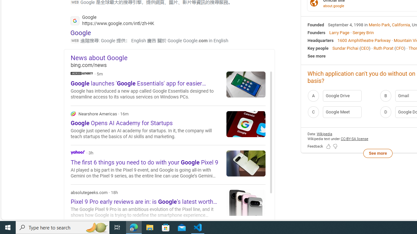 The width and height of the screenshot is (417, 234). What do you see at coordinates (339, 32) in the screenshot?
I see `'Larry Page'` at bounding box center [339, 32].